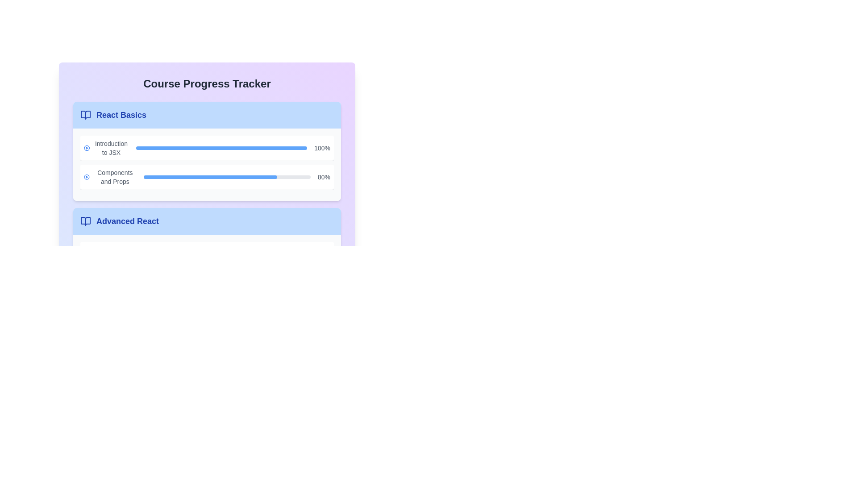 Image resolution: width=857 pixels, height=482 pixels. What do you see at coordinates (114, 177) in the screenshot?
I see `the text label displaying 'Components and Props', which is the second item in the list of course topics under the 'React Basics' section` at bounding box center [114, 177].